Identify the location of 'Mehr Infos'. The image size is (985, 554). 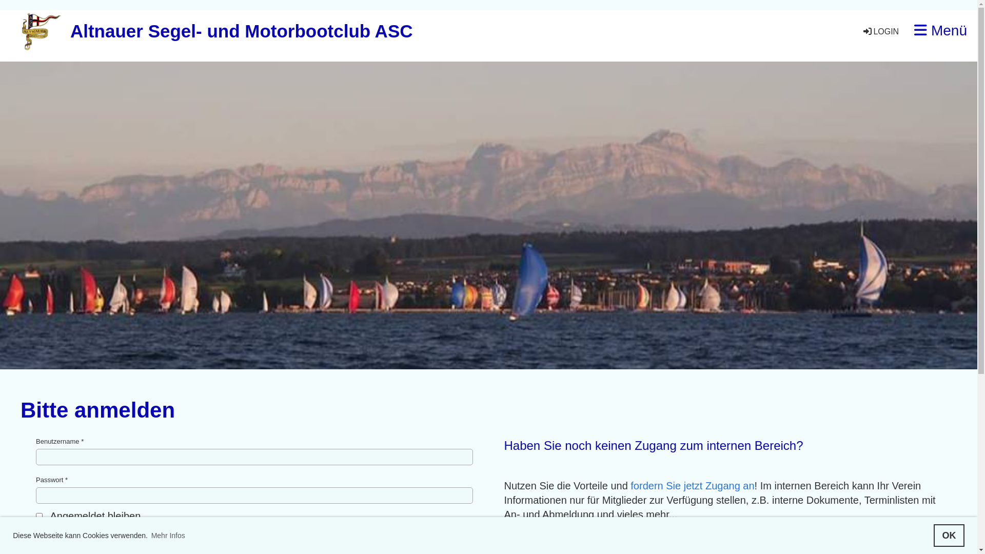
(168, 535).